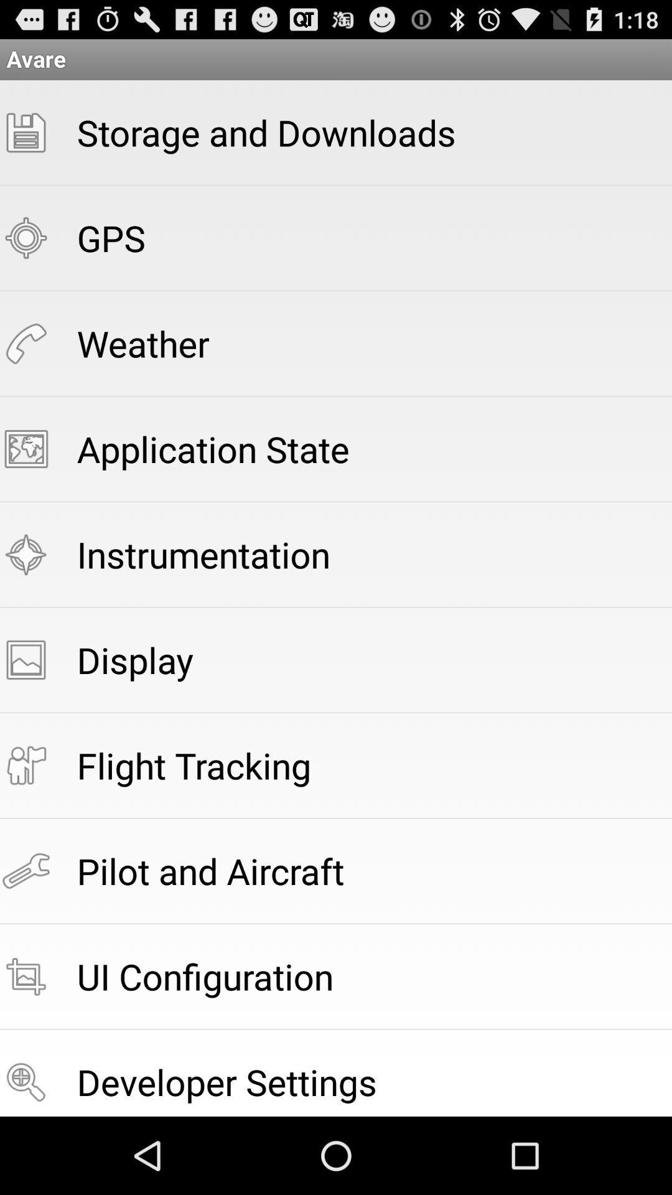  I want to click on item above gps, so click(266, 132).